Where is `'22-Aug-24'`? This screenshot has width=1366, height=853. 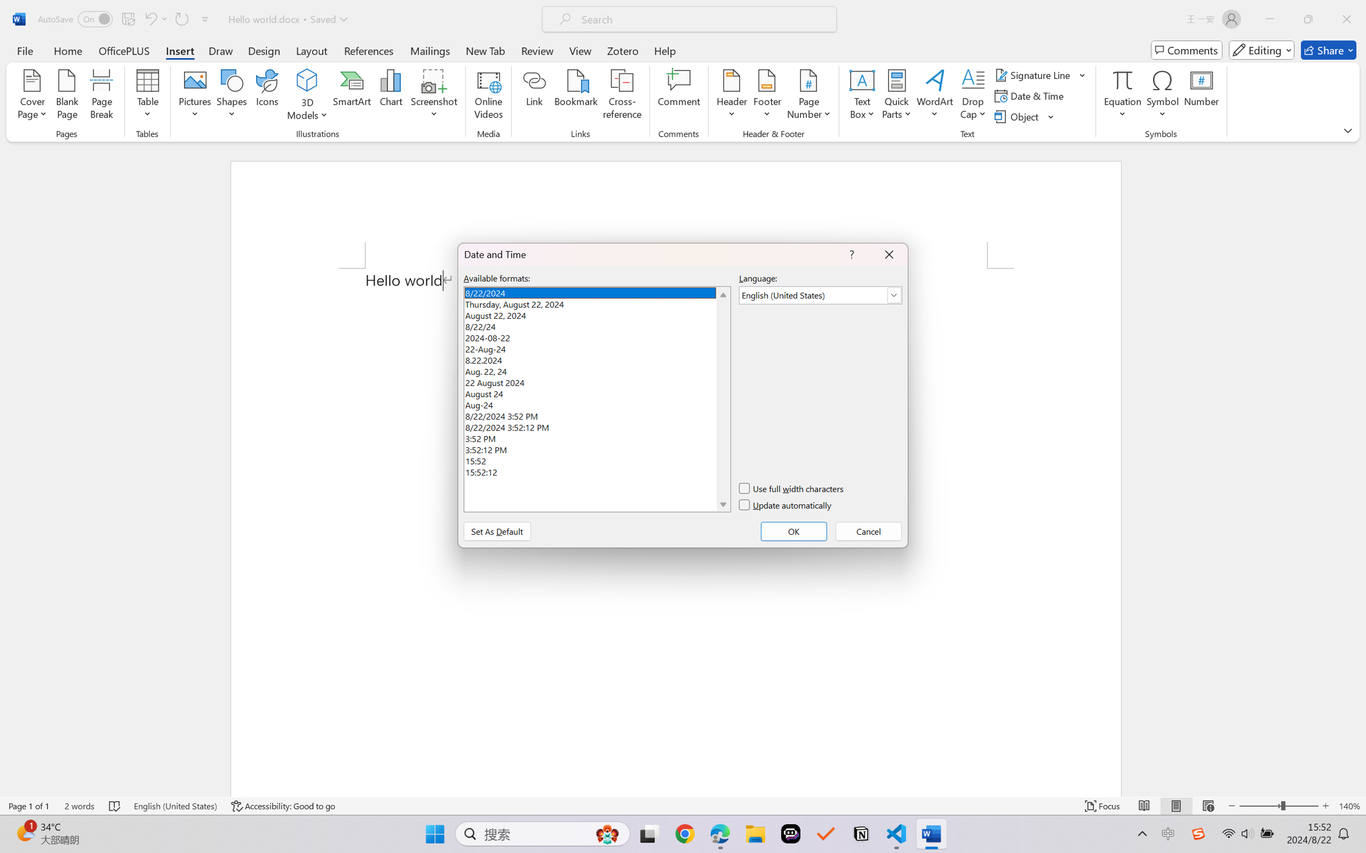
'22-Aug-24' is located at coordinates (596, 347).